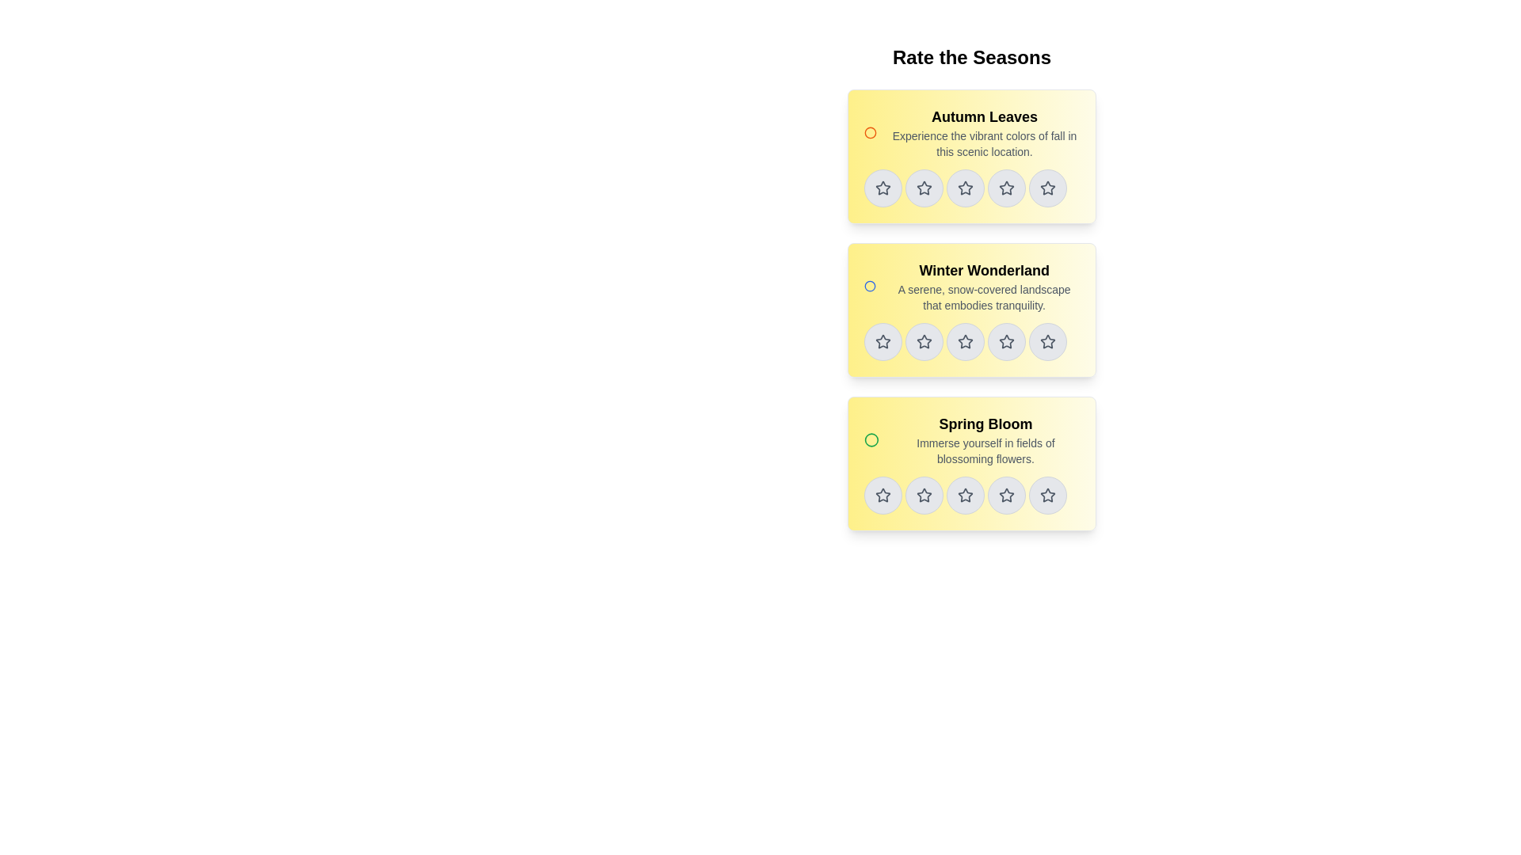 This screenshot has width=1521, height=855. Describe the element at coordinates (971, 188) in the screenshot. I see `the star button in the Rating component for the 'Autumn Leaves' item to set the rating` at that location.